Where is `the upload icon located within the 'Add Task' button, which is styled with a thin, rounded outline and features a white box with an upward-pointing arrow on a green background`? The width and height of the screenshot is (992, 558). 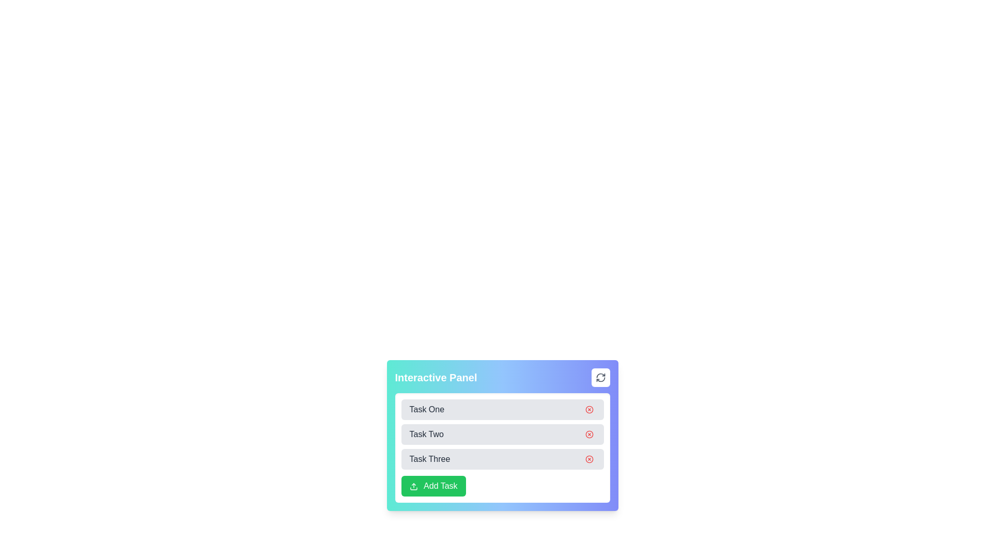 the upload icon located within the 'Add Task' button, which is styled with a thin, rounded outline and features a white box with an upward-pointing arrow on a green background is located at coordinates (413, 486).